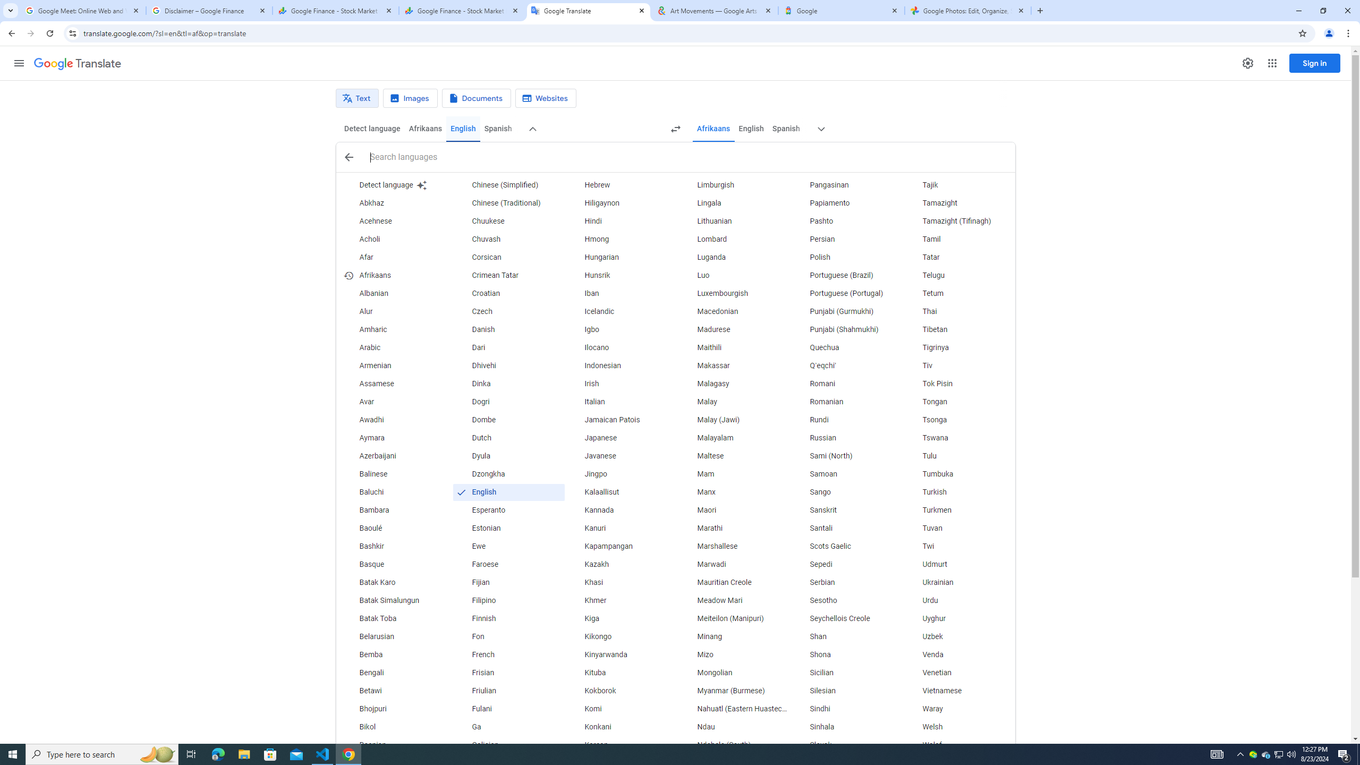  I want to click on 'More source languages', so click(532, 129).